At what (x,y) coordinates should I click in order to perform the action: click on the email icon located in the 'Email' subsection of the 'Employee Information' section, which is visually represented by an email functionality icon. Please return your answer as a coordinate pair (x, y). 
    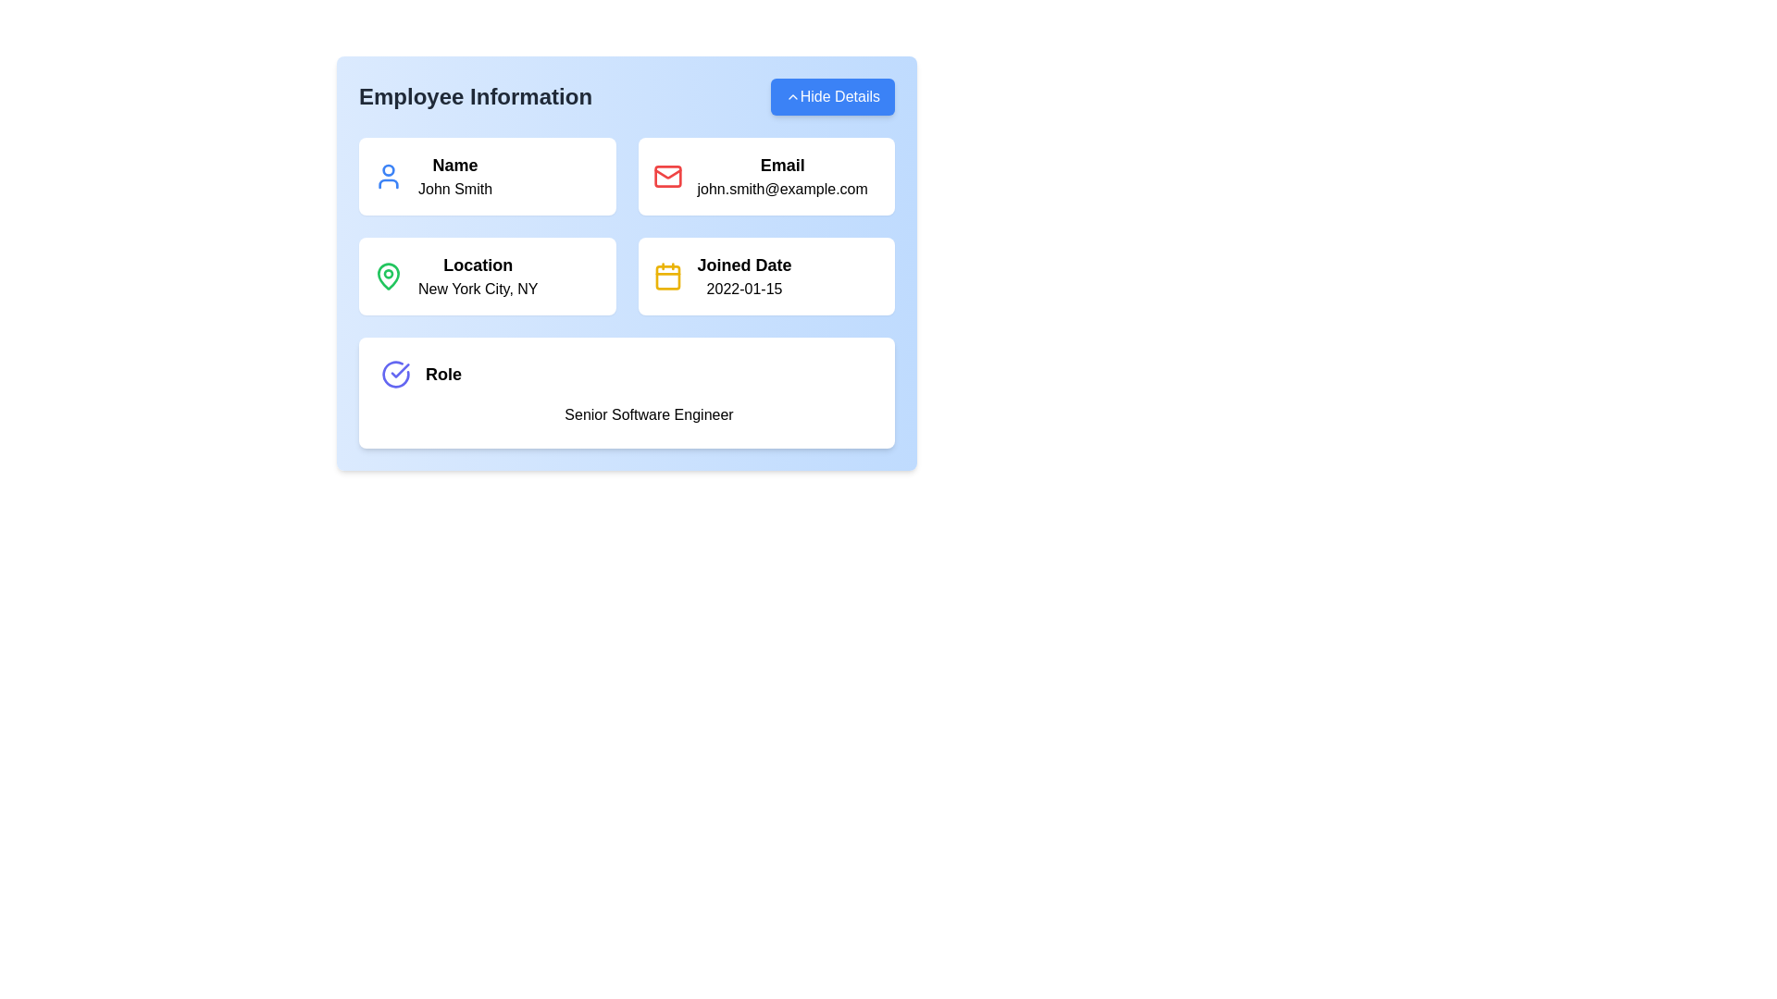
    Looking at the image, I should click on (666, 177).